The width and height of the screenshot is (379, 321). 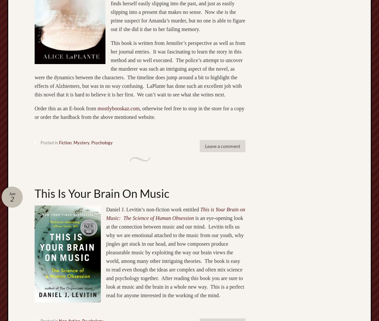 What do you see at coordinates (65, 142) in the screenshot?
I see `'Fiction'` at bounding box center [65, 142].